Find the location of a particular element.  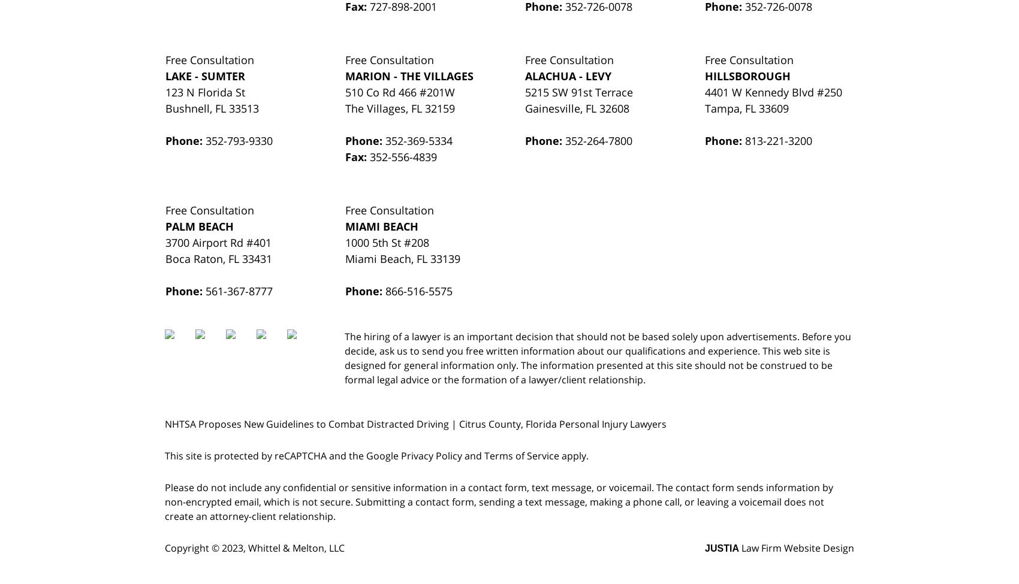

'Privacy Policy' is located at coordinates (400, 455).